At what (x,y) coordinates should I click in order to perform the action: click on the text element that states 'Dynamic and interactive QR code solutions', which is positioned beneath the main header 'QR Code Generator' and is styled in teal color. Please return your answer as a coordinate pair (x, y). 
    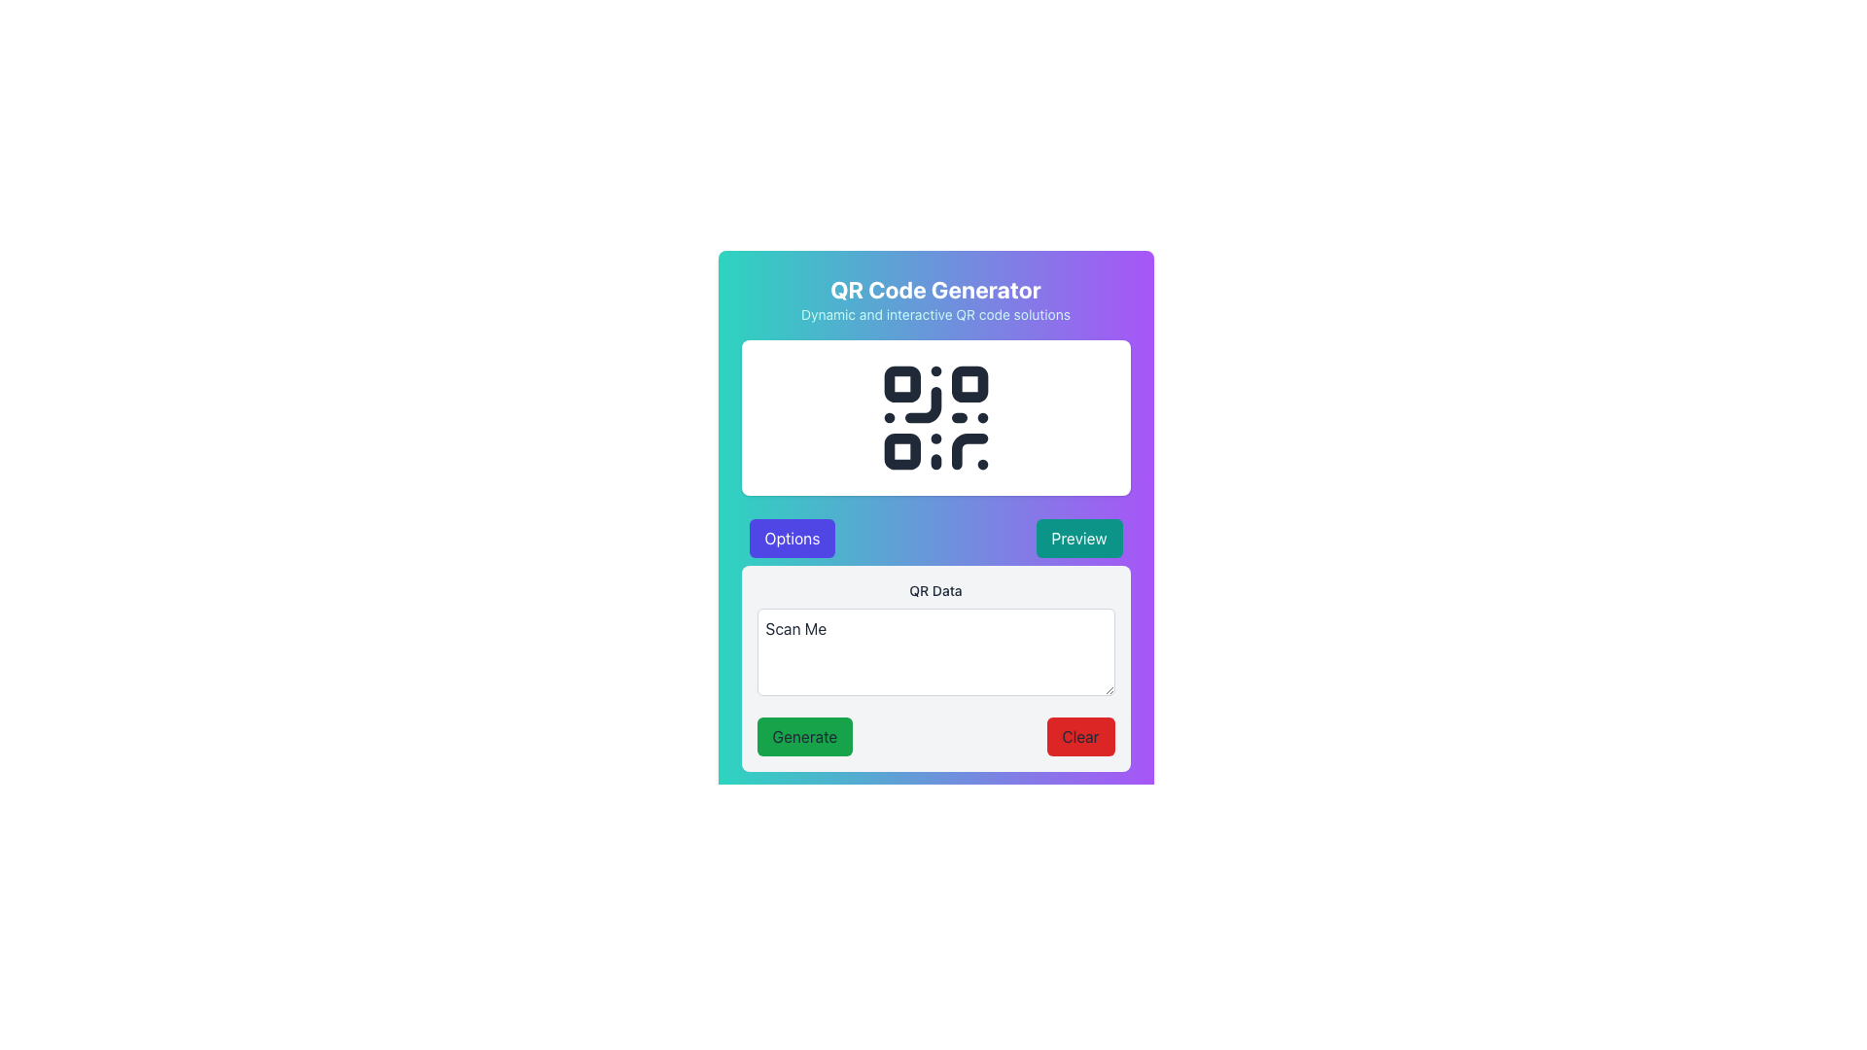
    Looking at the image, I should click on (935, 314).